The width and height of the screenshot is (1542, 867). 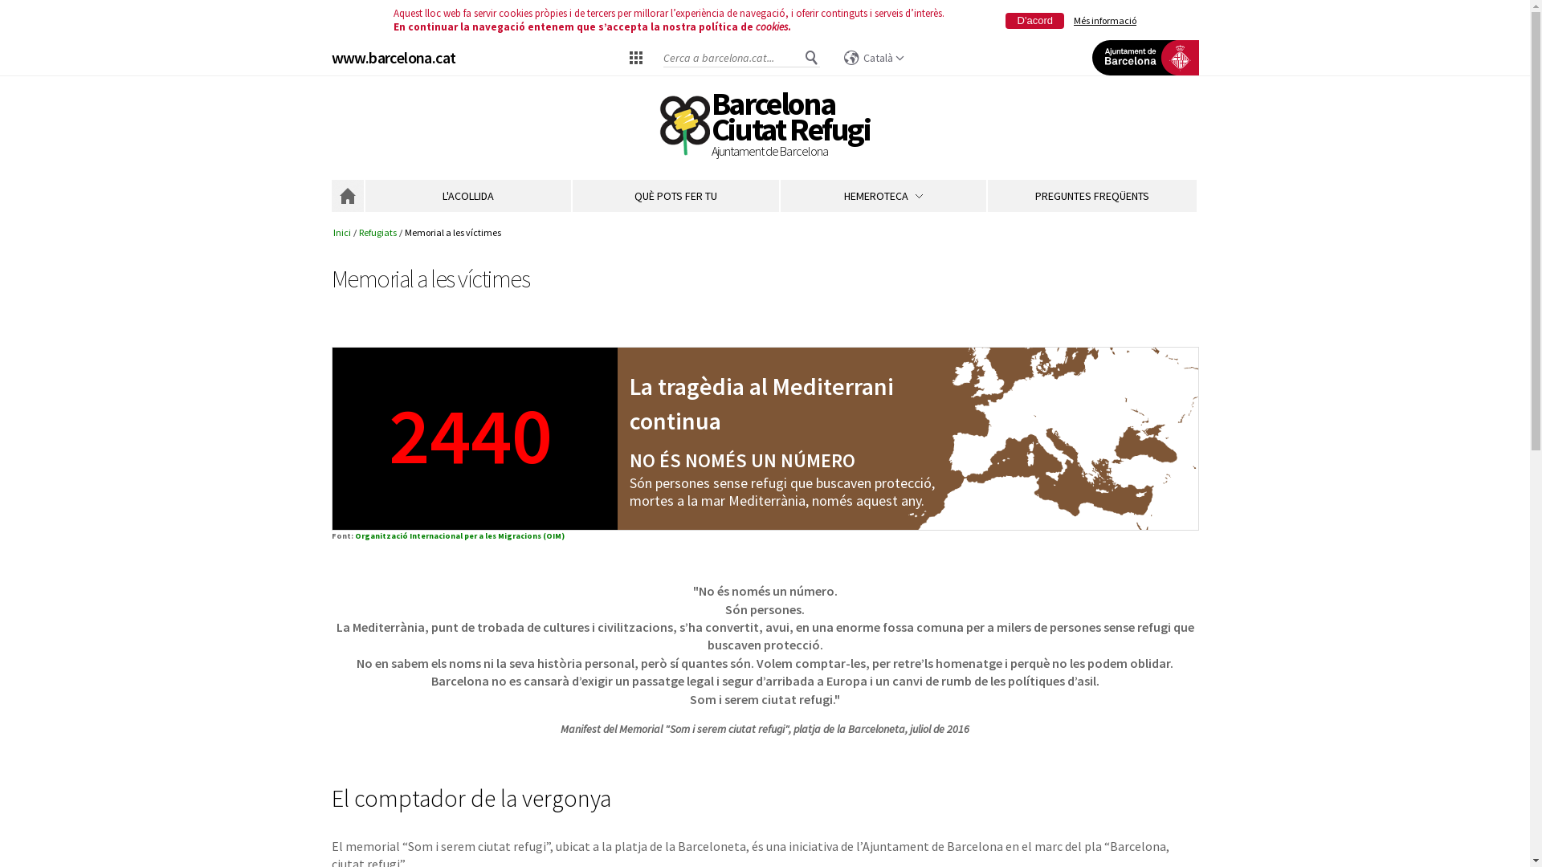 I want to click on 'HEMEROTECA', so click(x=882, y=194).